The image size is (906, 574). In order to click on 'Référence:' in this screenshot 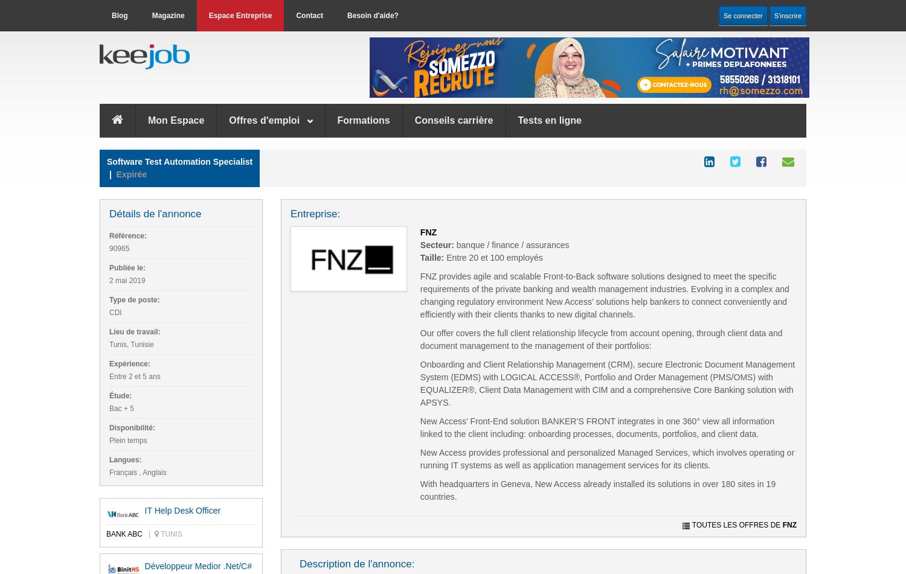, I will do `click(127, 235)`.